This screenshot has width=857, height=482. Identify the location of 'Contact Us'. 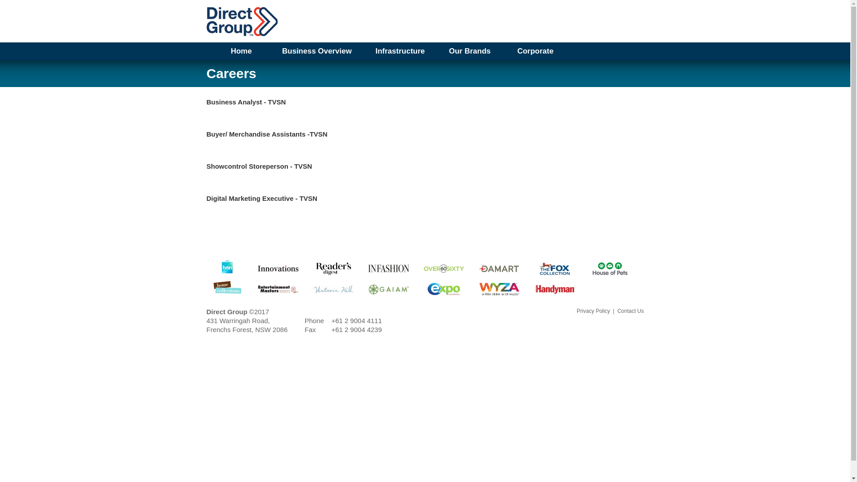
(630, 311).